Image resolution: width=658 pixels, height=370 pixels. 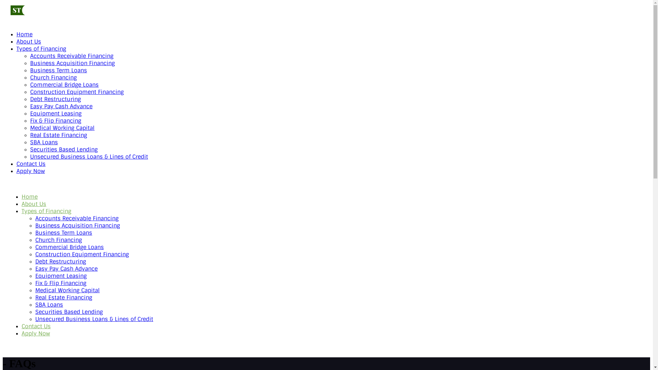 I want to click on 'Business Acquisition Financing', so click(x=77, y=225).